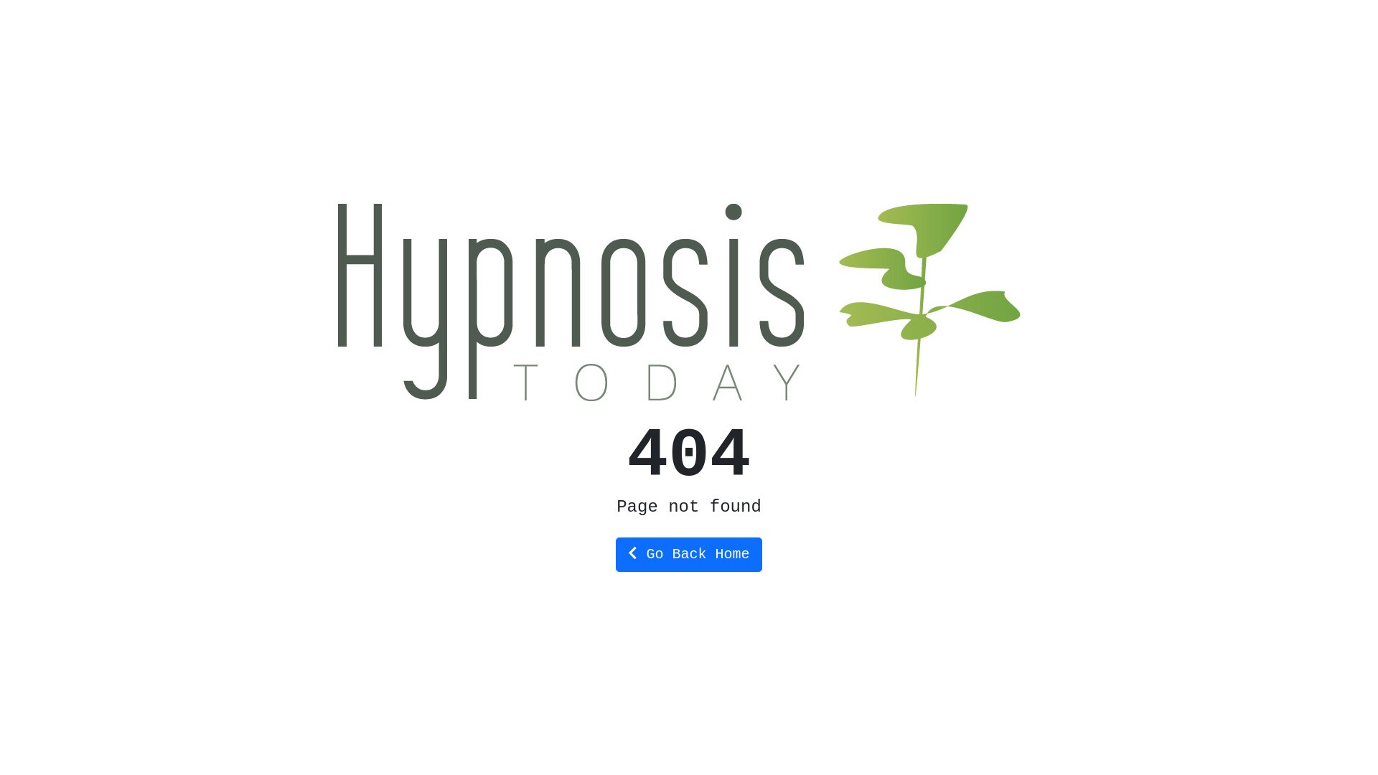  Describe the element at coordinates (688, 553) in the screenshot. I see `'Go Back Home'` at that location.